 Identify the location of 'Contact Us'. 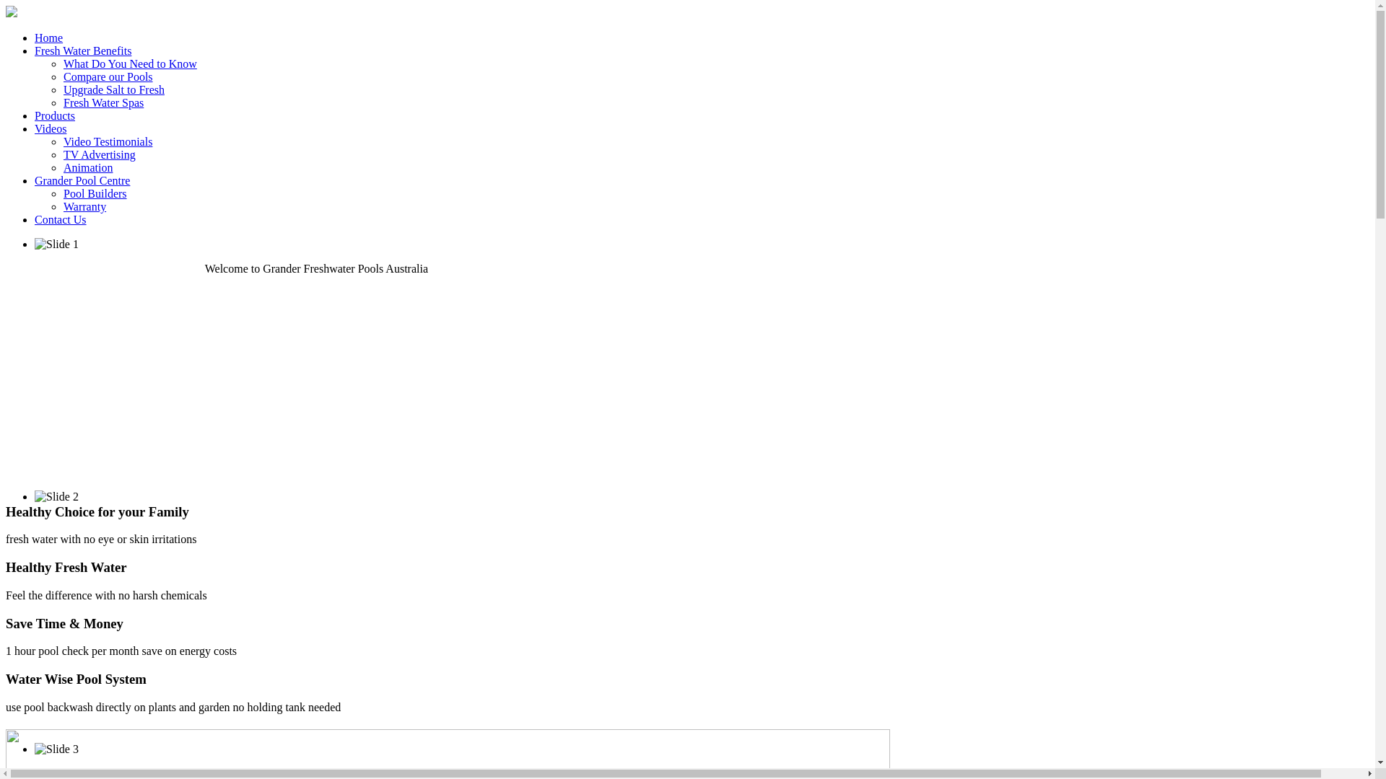
(59, 219).